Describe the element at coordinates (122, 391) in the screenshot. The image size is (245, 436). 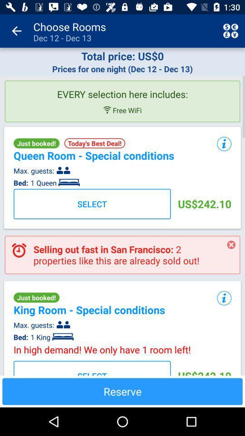
I see `the app below the select item` at that location.